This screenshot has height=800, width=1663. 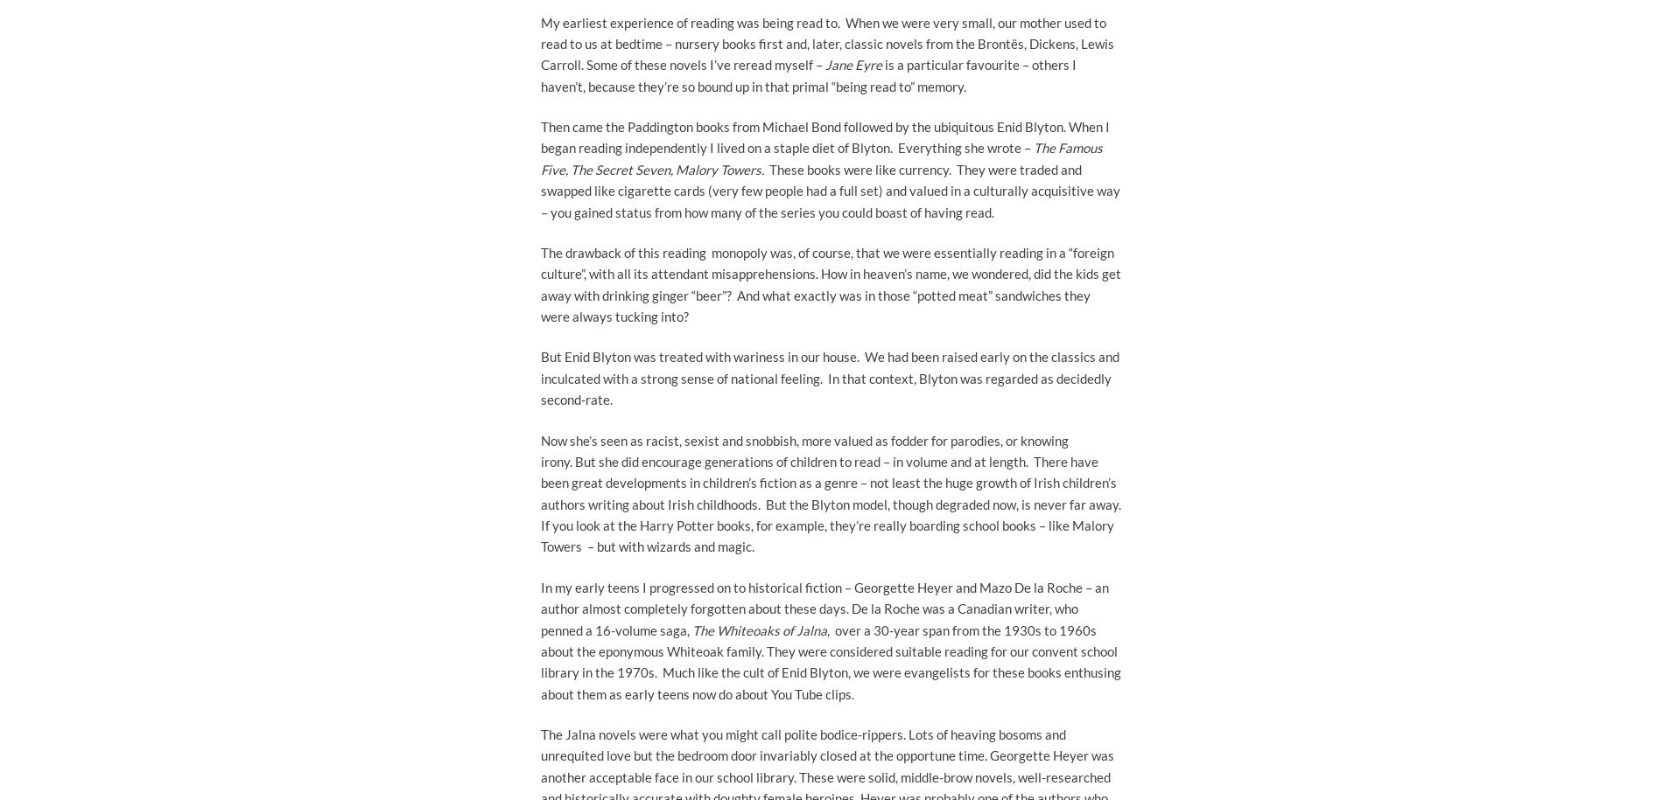 What do you see at coordinates (541, 157) in the screenshot?
I see `'The Famous Five, The Secret Seven, Malory Towers.'` at bounding box center [541, 157].